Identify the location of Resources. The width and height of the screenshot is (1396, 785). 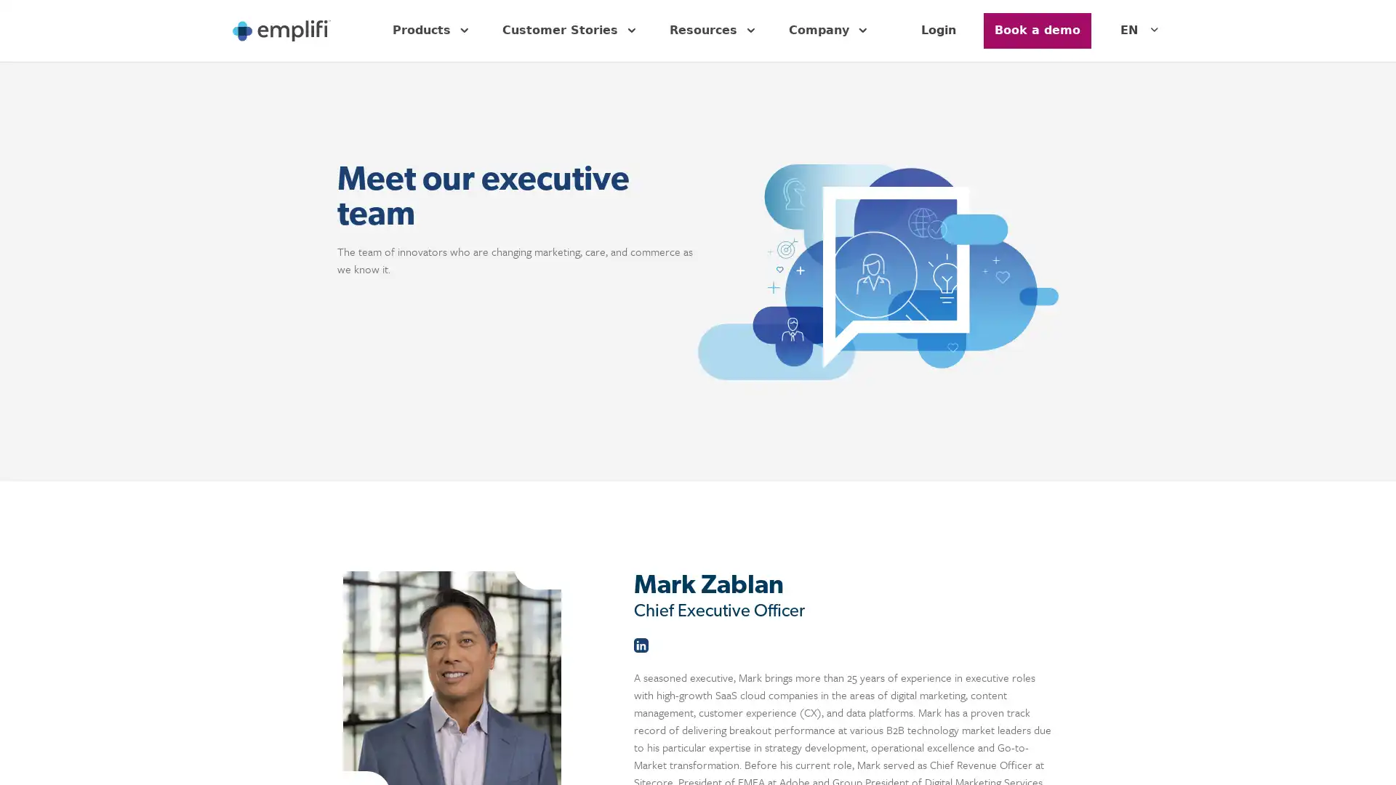
(715, 31).